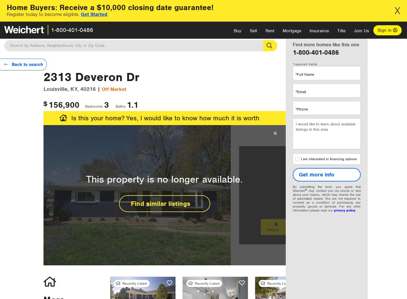 The height and width of the screenshot is (299, 407). I want to click on '8', so click(276, 224).